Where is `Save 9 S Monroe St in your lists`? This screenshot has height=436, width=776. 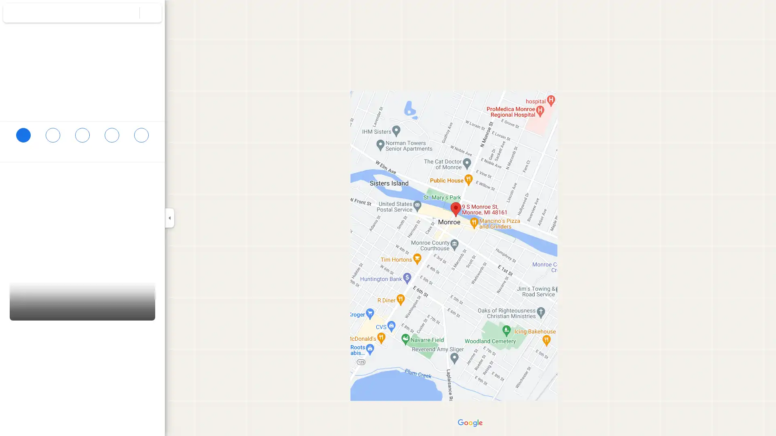
Save 9 S Monroe St in your lists is located at coordinates (52, 138).